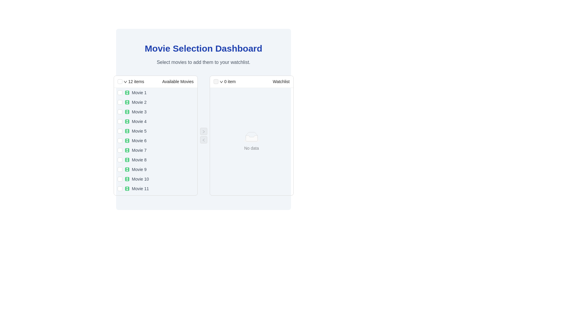  I want to click on the text label indicating 'Movie 4', which is the fourth item in the 'Available Movies' section of the dashboard, so click(139, 121).